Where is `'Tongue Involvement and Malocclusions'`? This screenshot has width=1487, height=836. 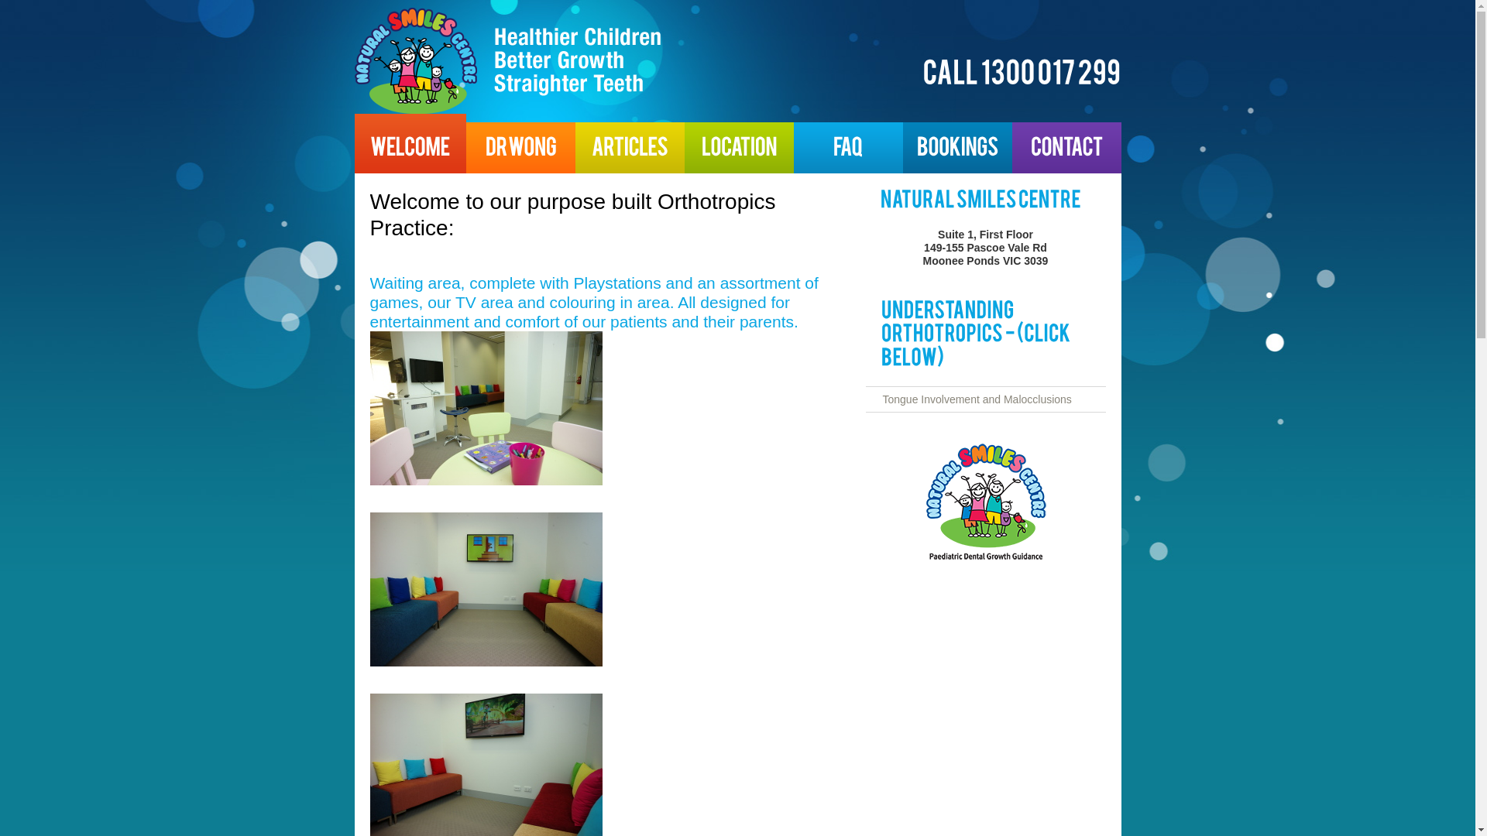
'Tongue Involvement and Malocclusions' is located at coordinates (977, 399).